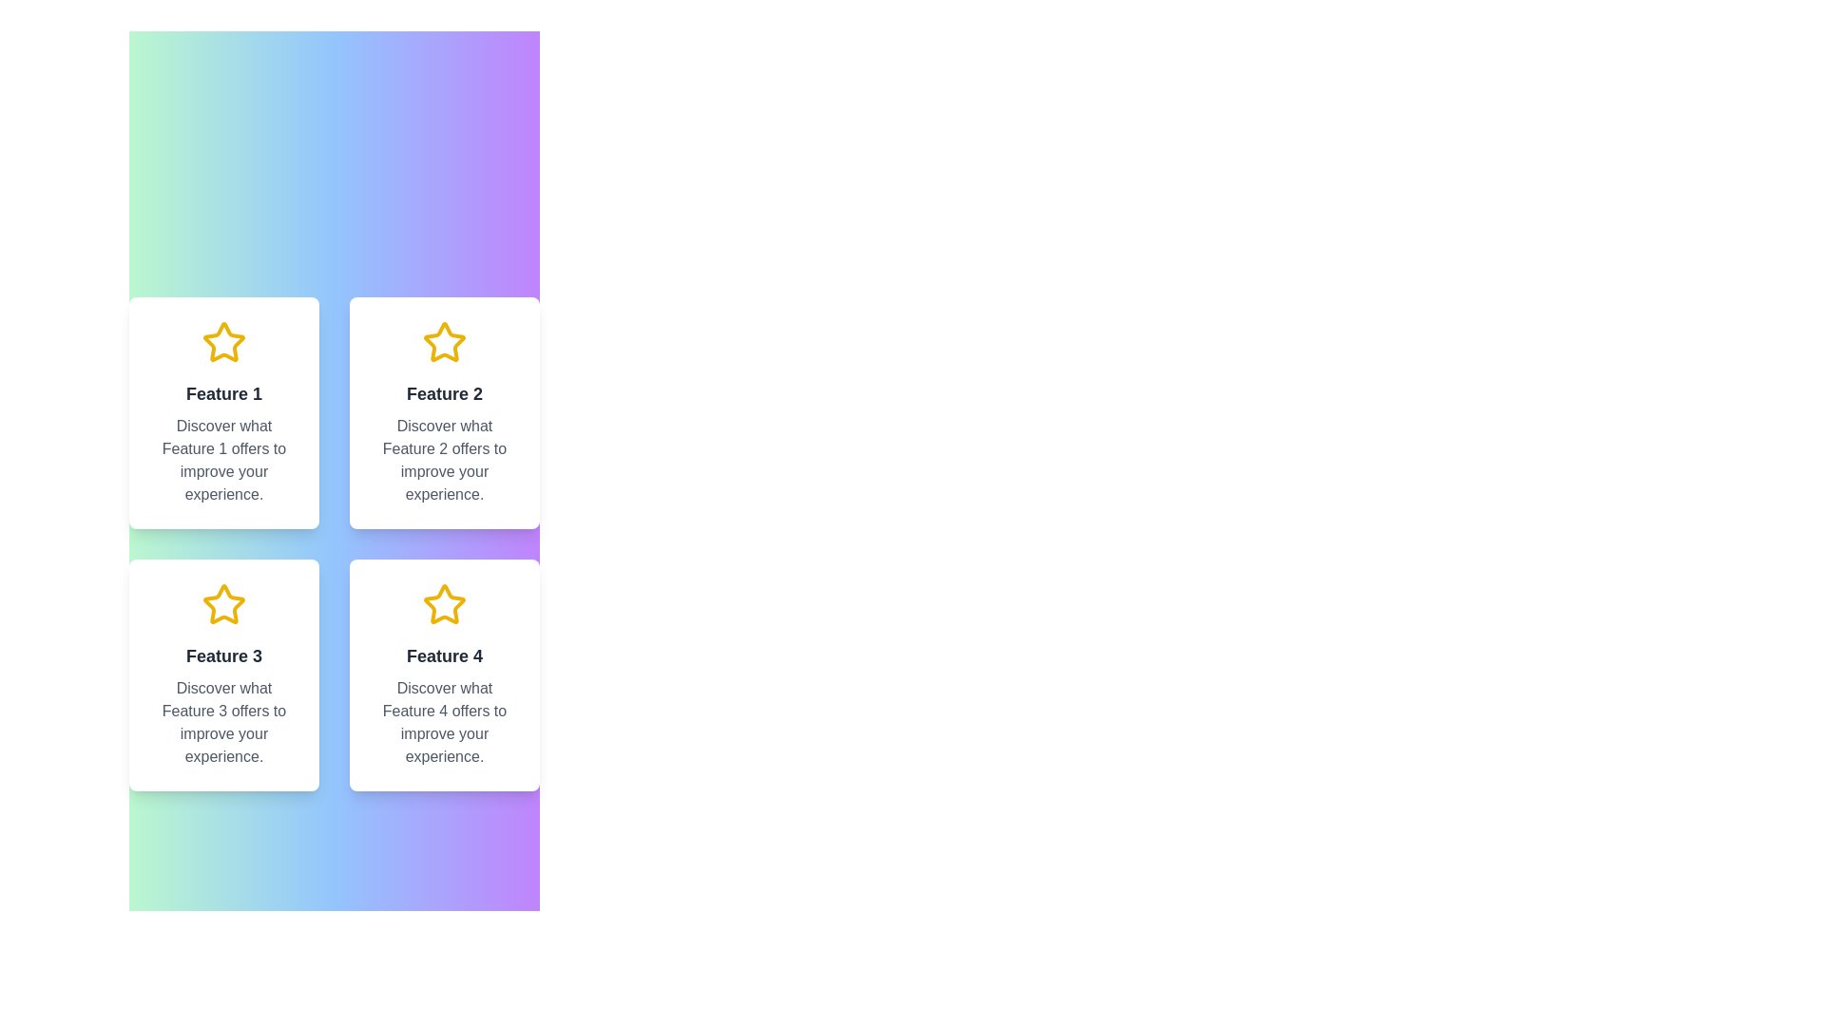 The image size is (1825, 1026). Describe the element at coordinates (223, 461) in the screenshot. I see `descriptive text block located in the first column of the two-column layout, specifically inside the card labeled 'Feature 1', below the star icon and the title text 'Feature 1'` at that location.